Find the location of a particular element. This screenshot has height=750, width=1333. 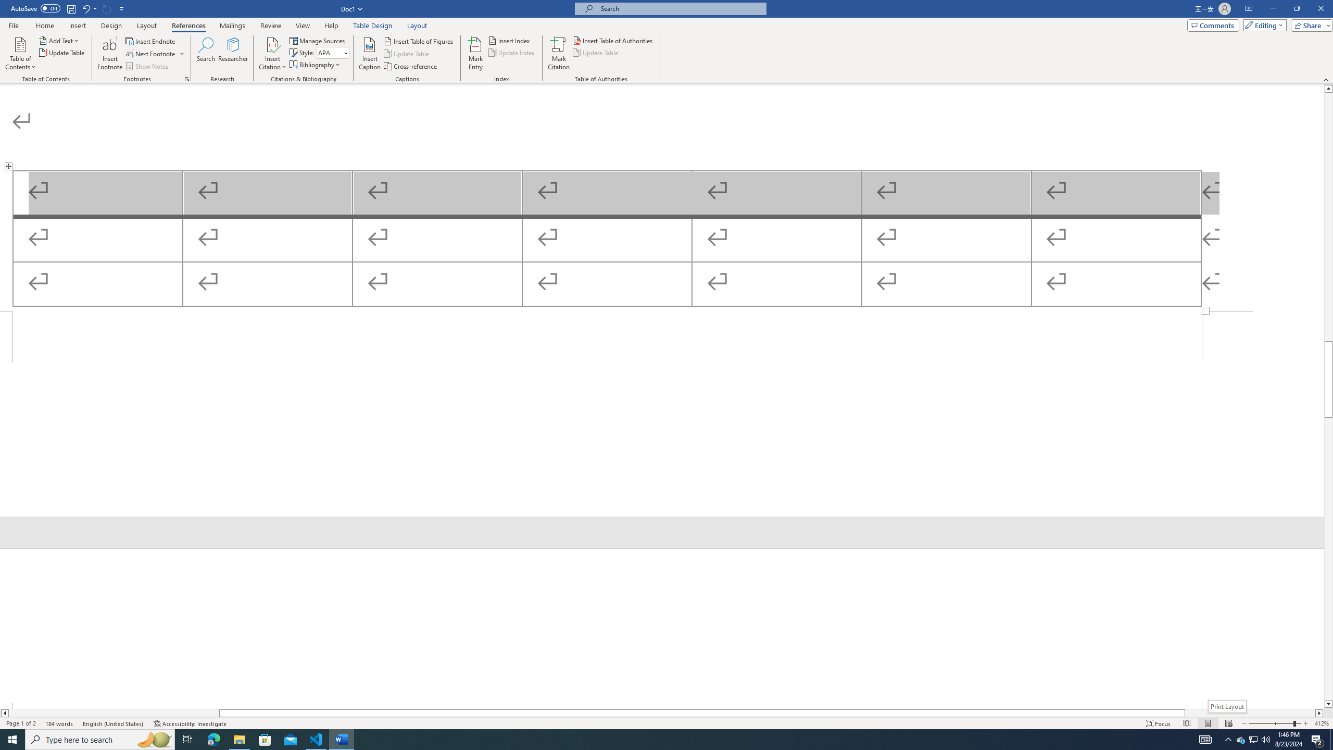

'Footnote and Endnote Dialog...' is located at coordinates (186, 78).